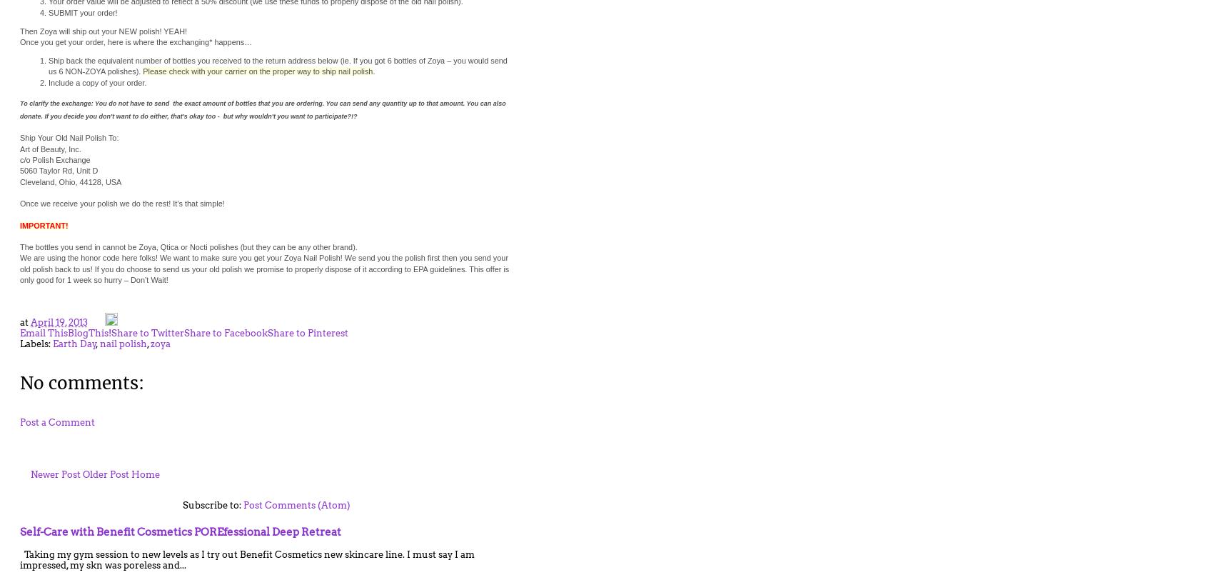 The width and height of the screenshot is (1220, 575). I want to click on 'Once you get your order, here is where the exchanging* happens…', so click(135, 41).